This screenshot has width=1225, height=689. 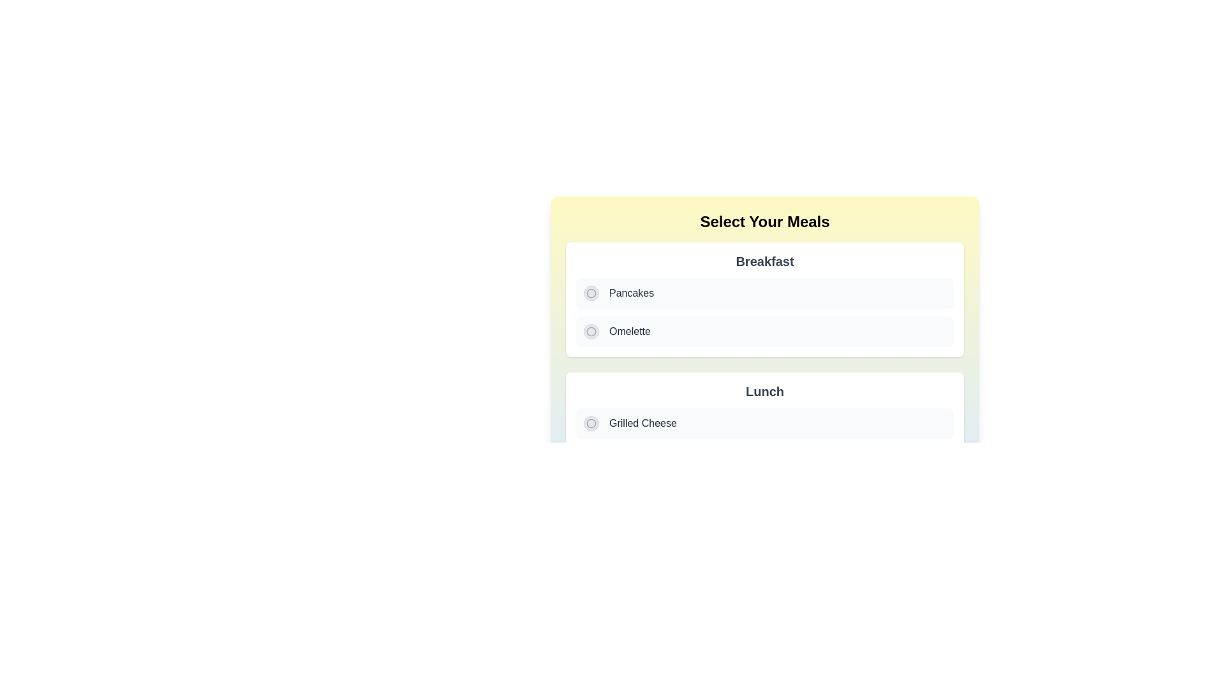 What do you see at coordinates (765, 331) in the screenshot?
I see `to select the 'Omelette' option from the selectable list item with a radio button located under the 'Breakfast' section` at bounding box center [765, 331].